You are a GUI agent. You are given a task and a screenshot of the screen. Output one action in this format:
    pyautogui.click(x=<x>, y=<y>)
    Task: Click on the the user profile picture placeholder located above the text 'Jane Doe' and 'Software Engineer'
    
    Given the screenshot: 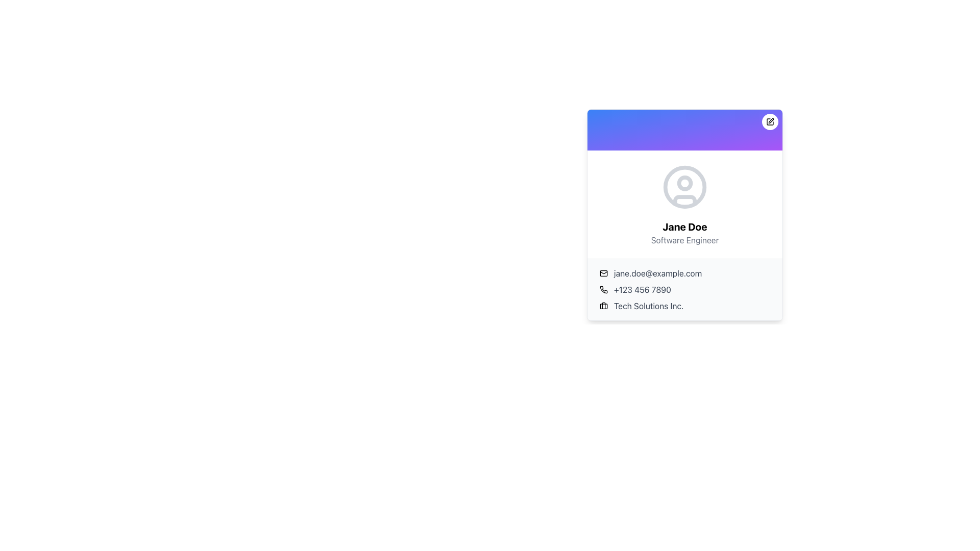 What is the action you would take?
    pyautogui.click(x=685, y=187)
    